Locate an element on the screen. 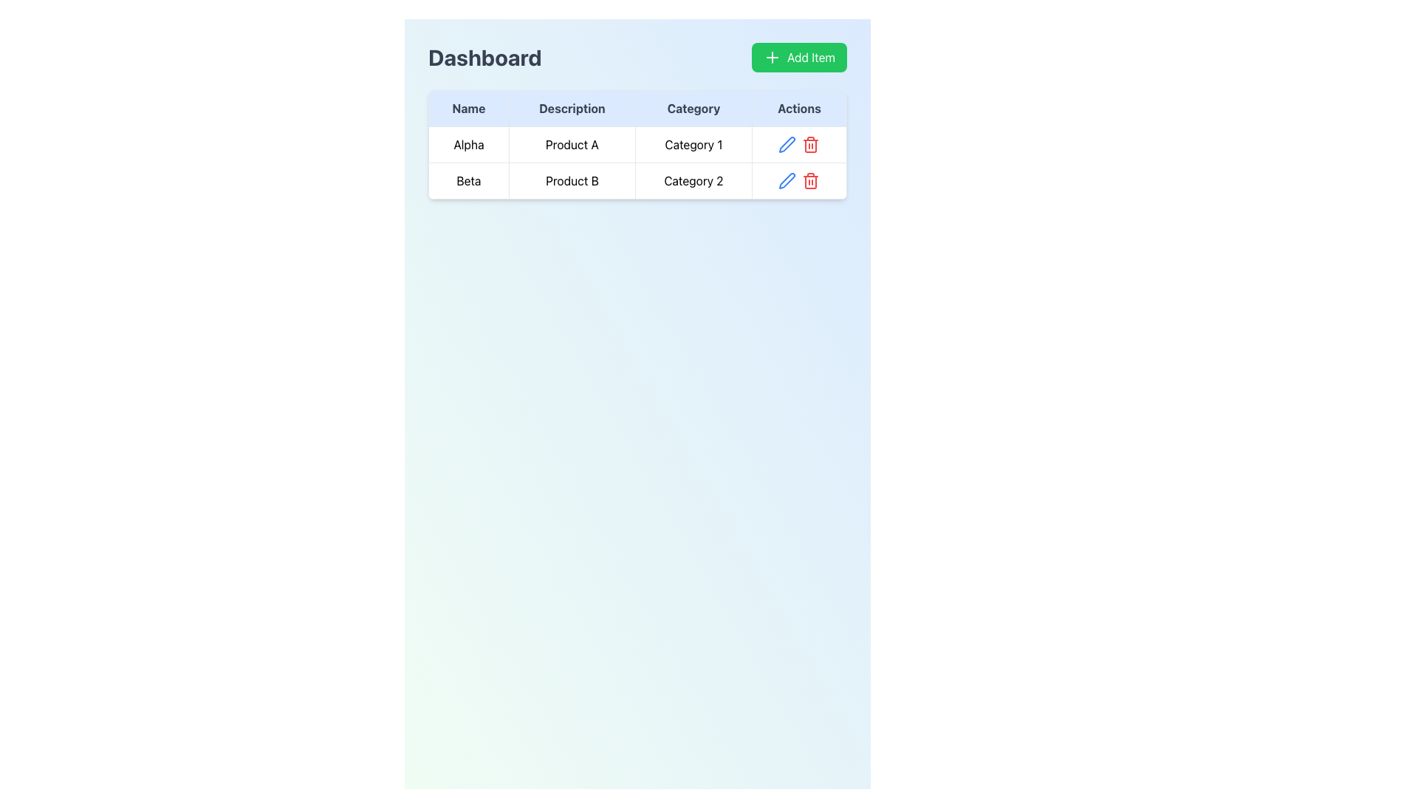 The height and width of the screenshot is (798, 1418). the control group containing the blue pen-shaped icon and the red trash bin icon in the 'Actions' column of the first row of the table for additional information is located at coordinates (798, 145).